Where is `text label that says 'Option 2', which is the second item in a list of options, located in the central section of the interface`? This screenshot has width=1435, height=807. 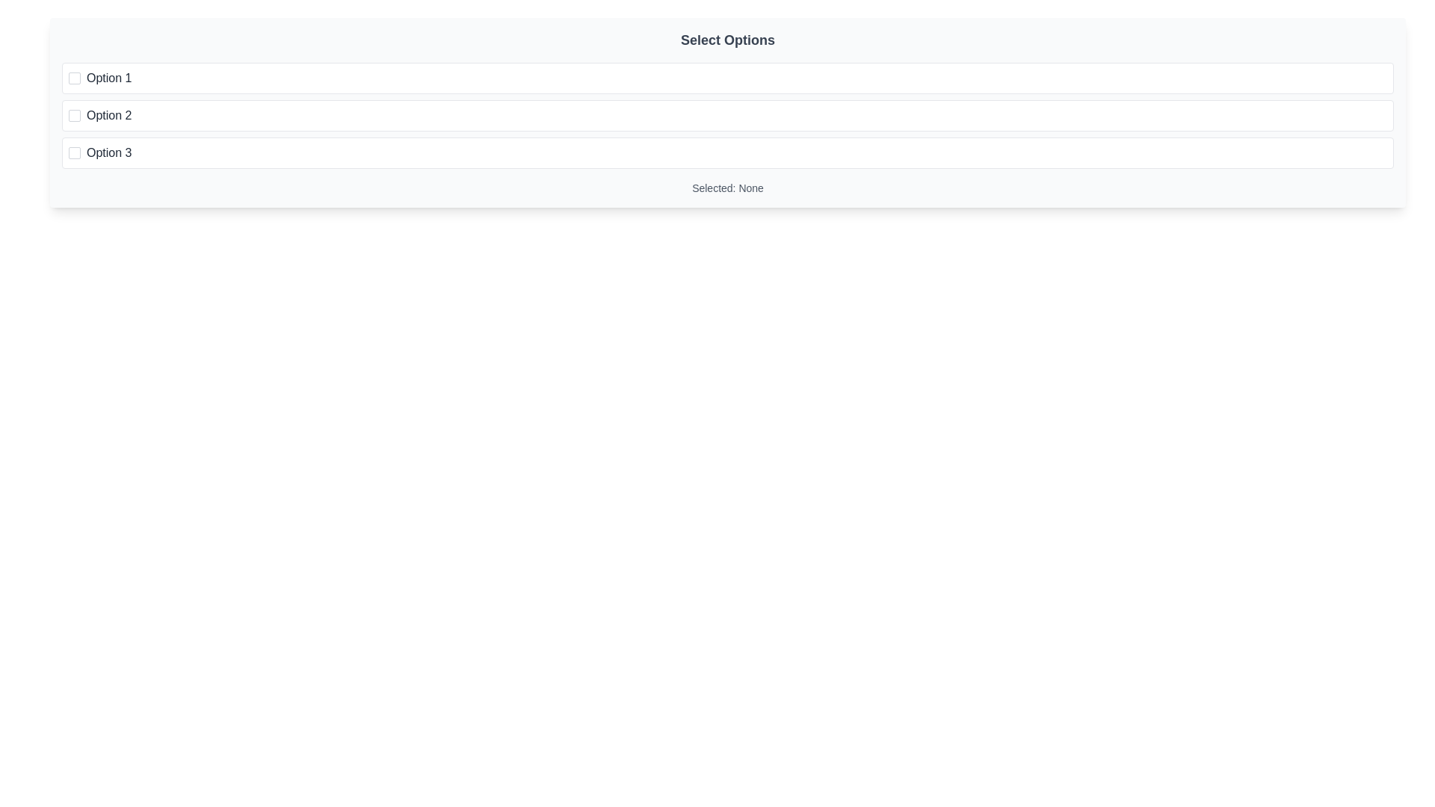
text label that says 'Option 2', which is the second item in a list of options, located in the central section of the interface is located at coordinates (108, 114).